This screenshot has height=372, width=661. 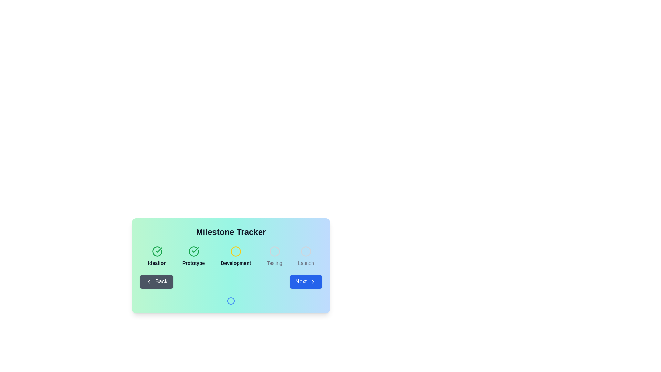 I want to click on label element with the text 'Ideation' that is accompanied by a green checkmark icon, positioned as the first item in the progress stages sequence, so click(x=157, y=256).